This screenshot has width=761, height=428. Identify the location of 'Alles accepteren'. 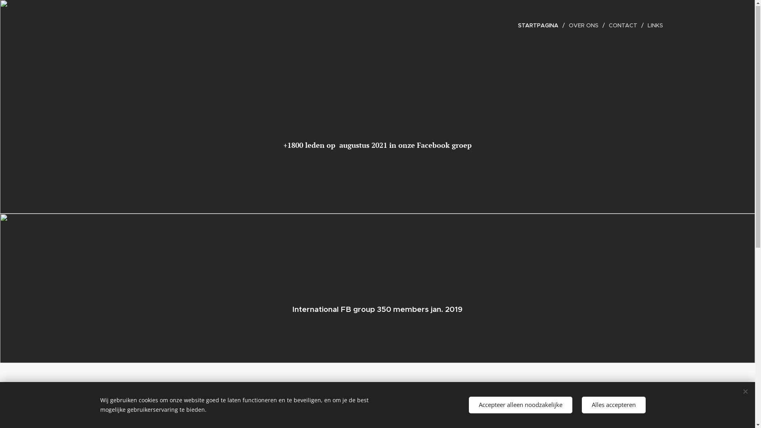
(613, 405).